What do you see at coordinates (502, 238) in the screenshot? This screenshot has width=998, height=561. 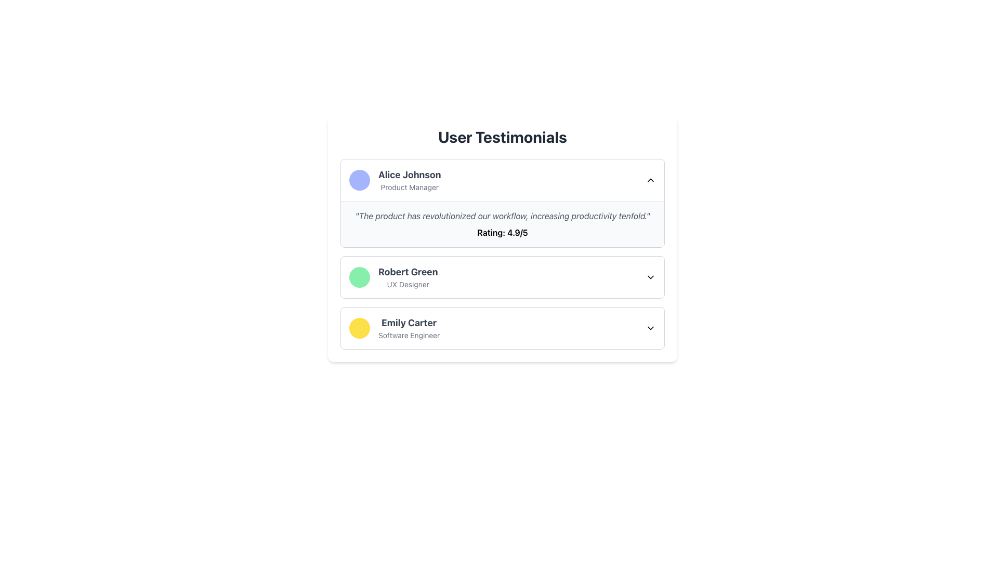 I see `testimonials from the first card in the 'User Testimonials' section, which includes user feedback, names, and titles` at bounding box center [502, 238].